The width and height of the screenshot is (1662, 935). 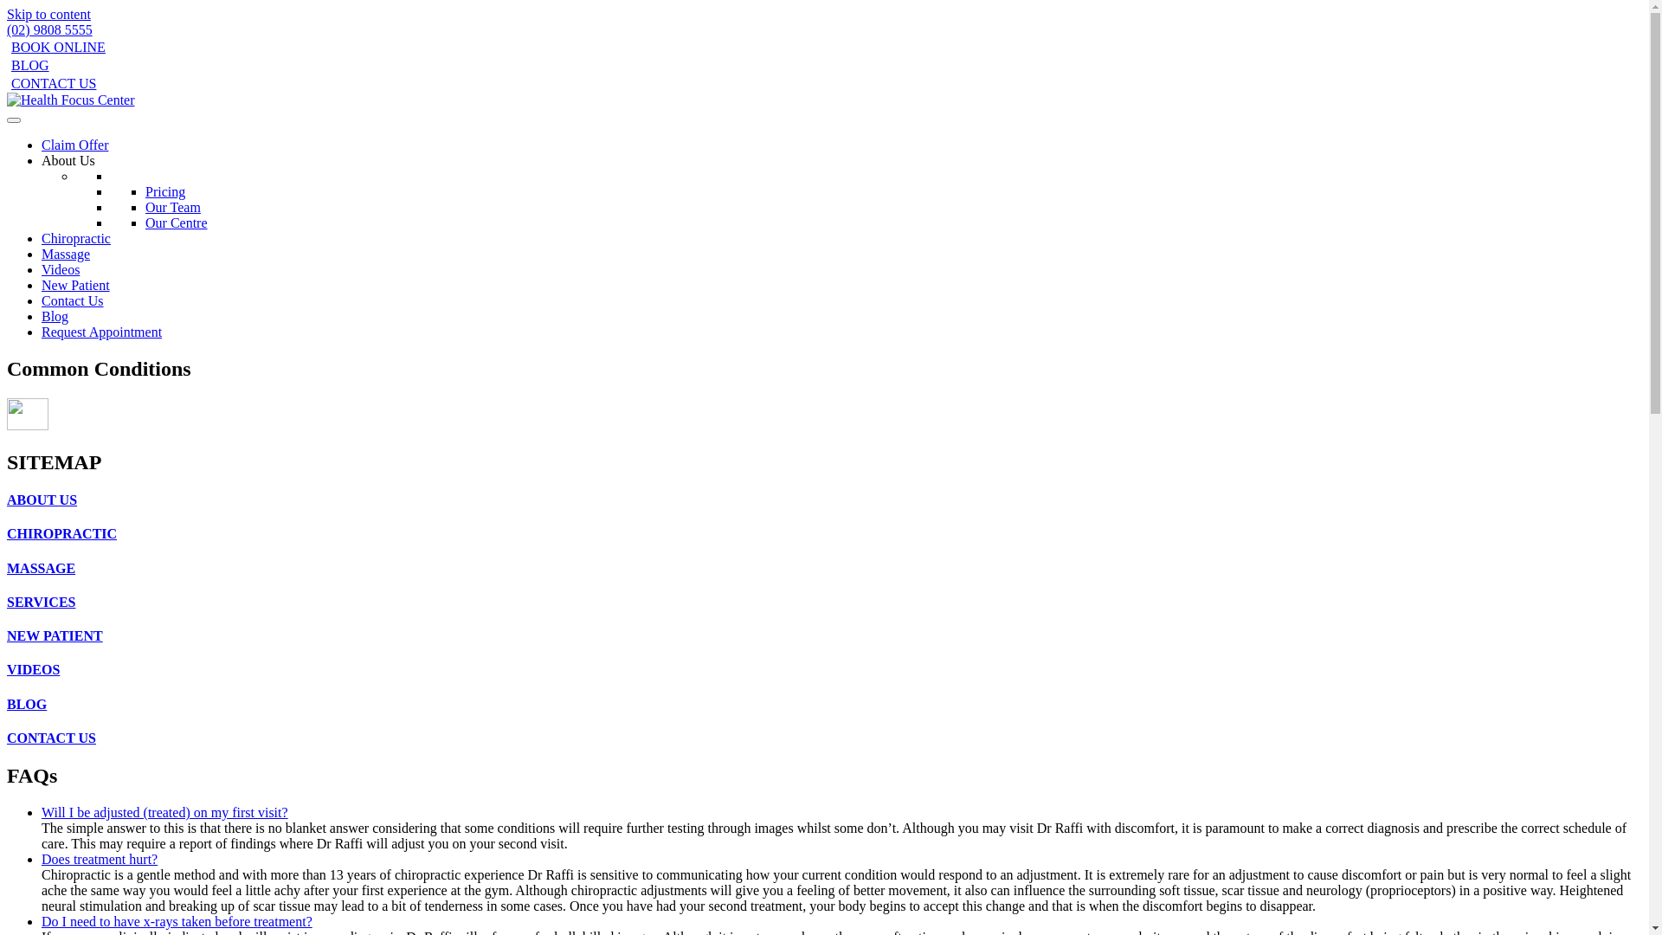 I want to click on 'Request Appointment', so click(x=100, y=332).